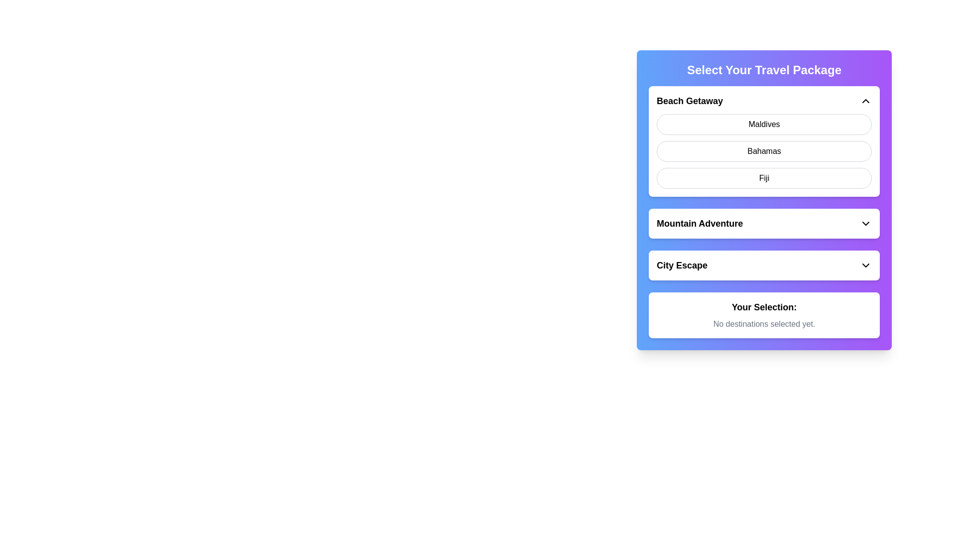  I want to click on the 'Beach Getaway' text label, which is a bold title positioned at the top-left corner of the travel package selection panel, so click(689, 101).